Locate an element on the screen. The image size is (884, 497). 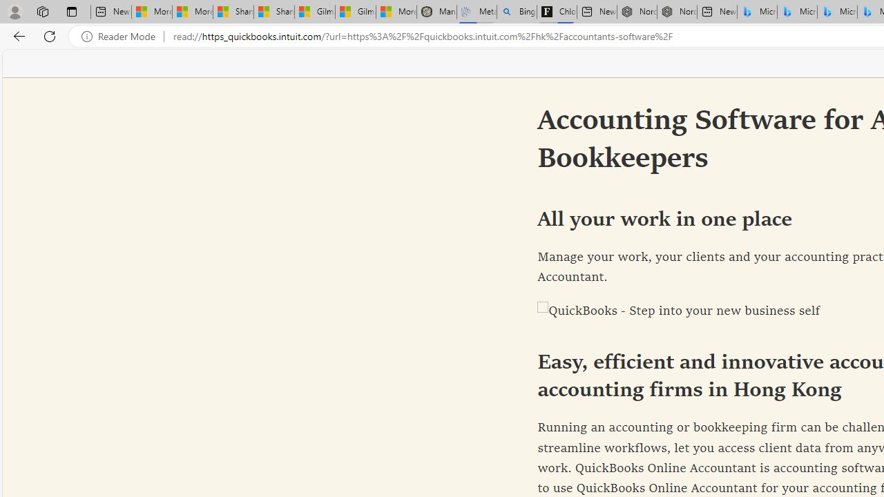
'Chloe Sorvino' is located at coordinates (557, 12).